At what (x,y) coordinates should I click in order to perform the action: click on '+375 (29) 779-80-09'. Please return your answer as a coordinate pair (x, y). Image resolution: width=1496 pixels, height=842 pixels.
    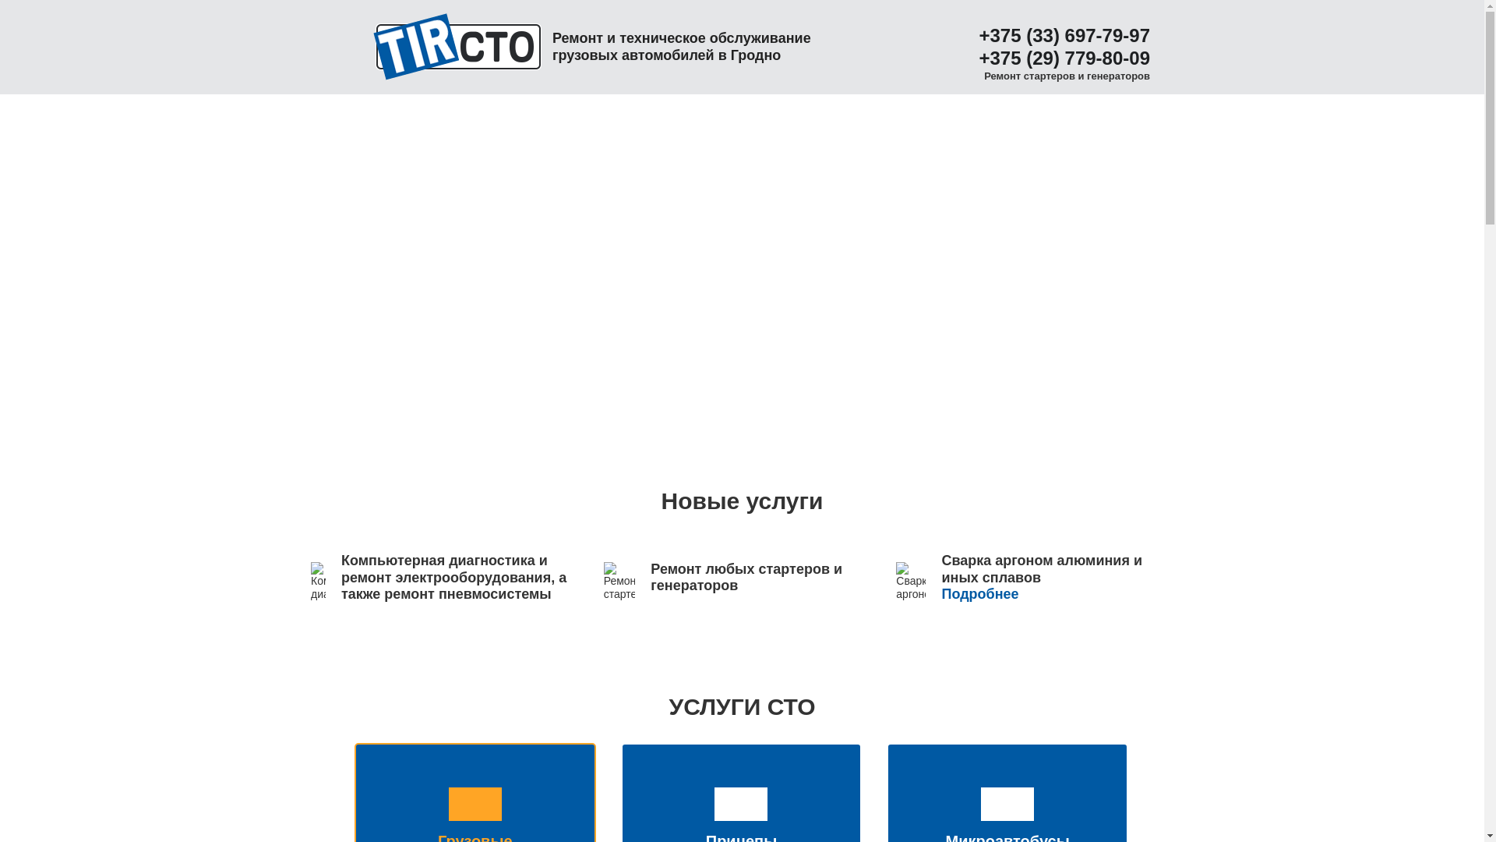
    Looking at the image, I should click on (1060, 58).